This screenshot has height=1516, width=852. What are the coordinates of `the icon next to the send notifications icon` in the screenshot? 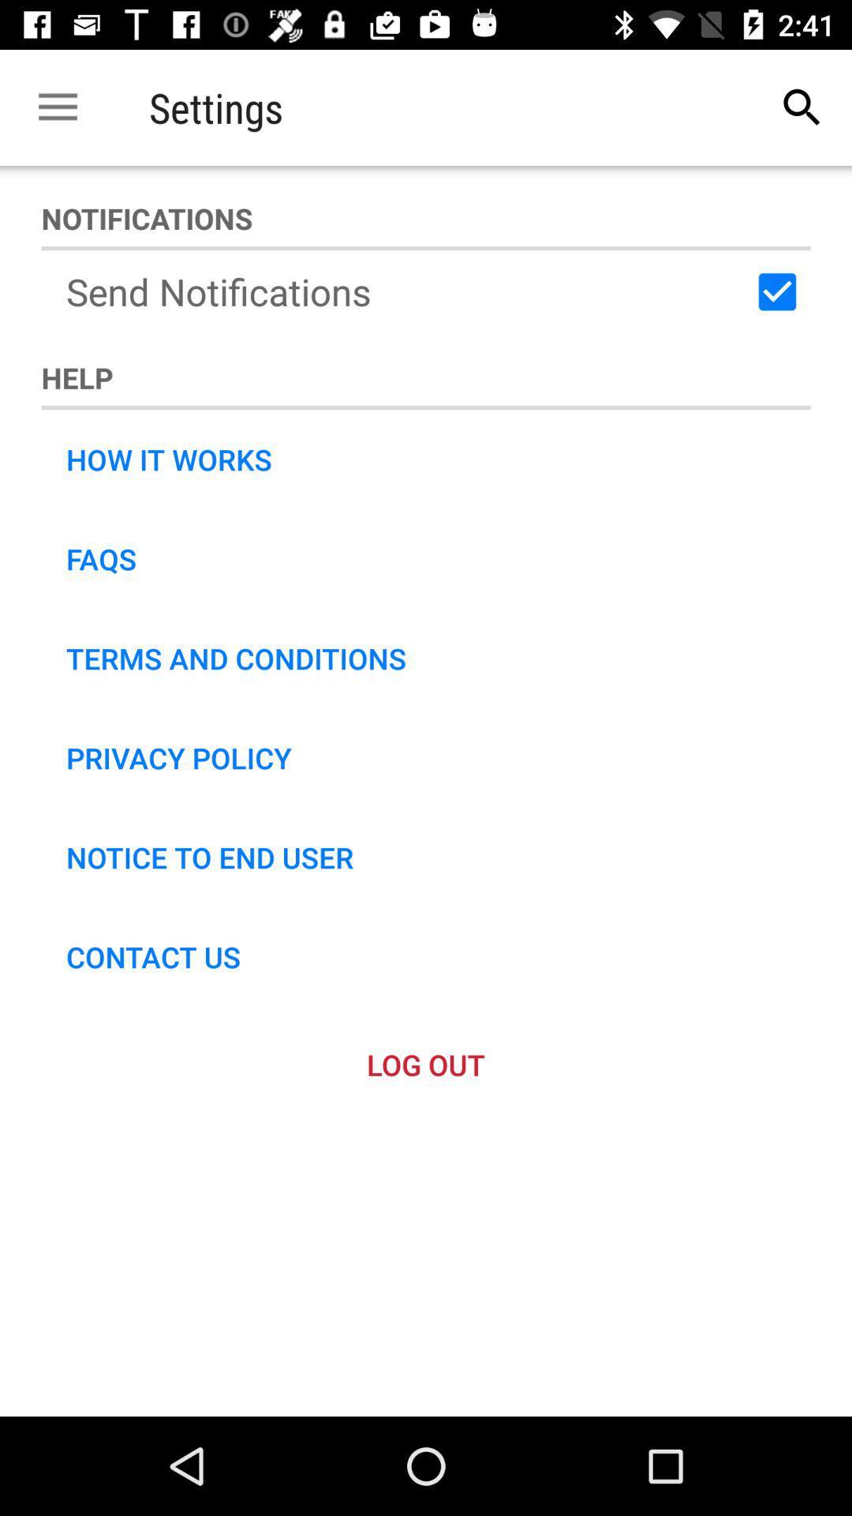 It's located at (776, 291).